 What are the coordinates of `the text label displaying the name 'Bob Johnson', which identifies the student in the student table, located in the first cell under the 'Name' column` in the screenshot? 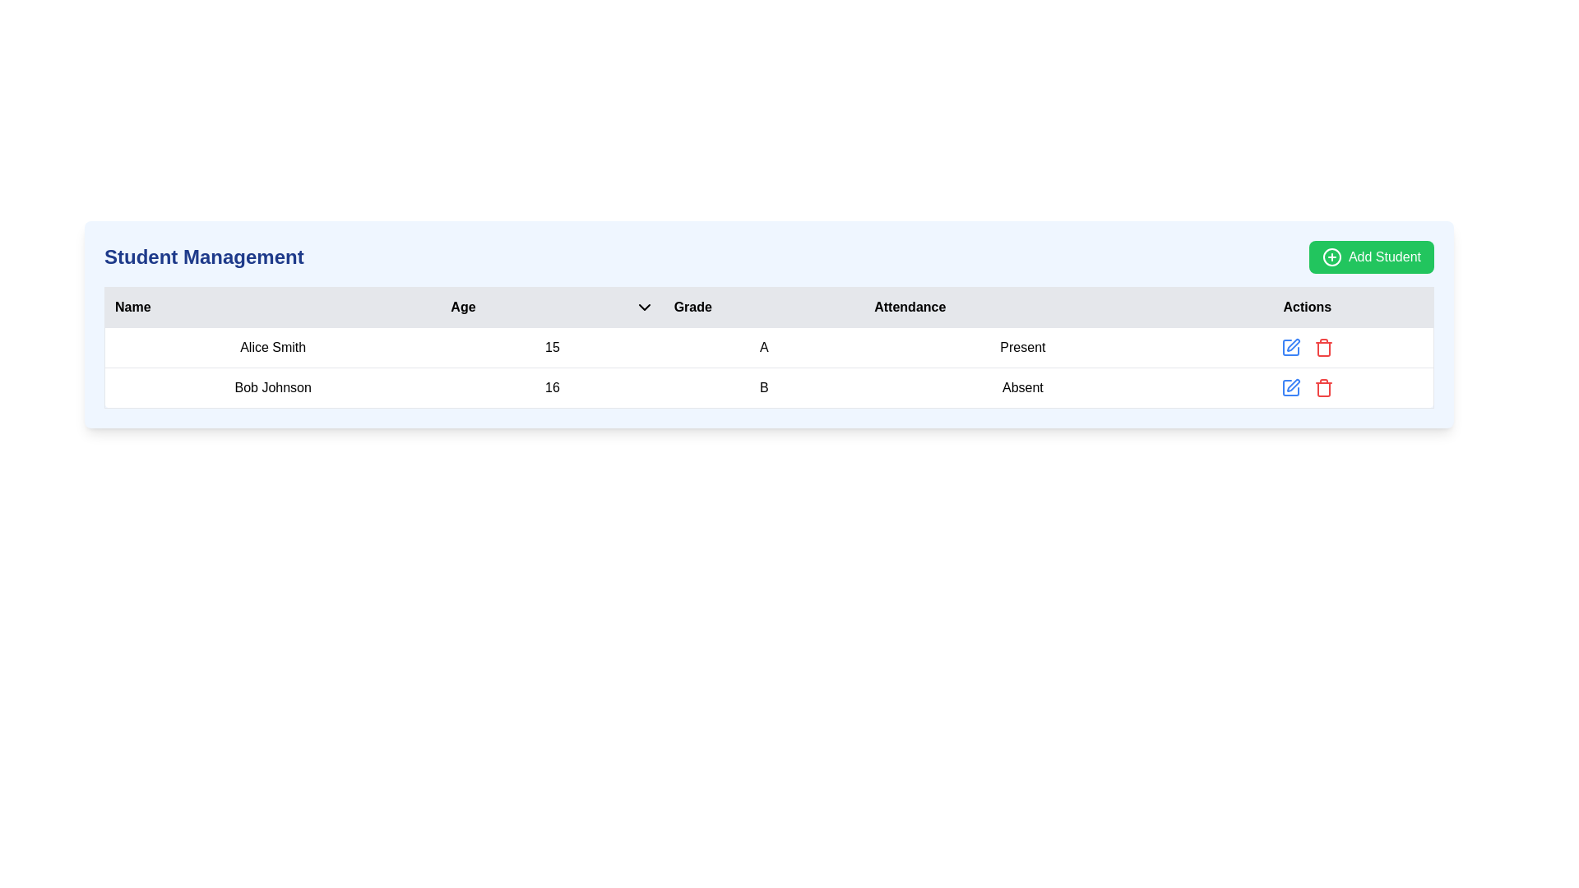 It's located at (272, 387).